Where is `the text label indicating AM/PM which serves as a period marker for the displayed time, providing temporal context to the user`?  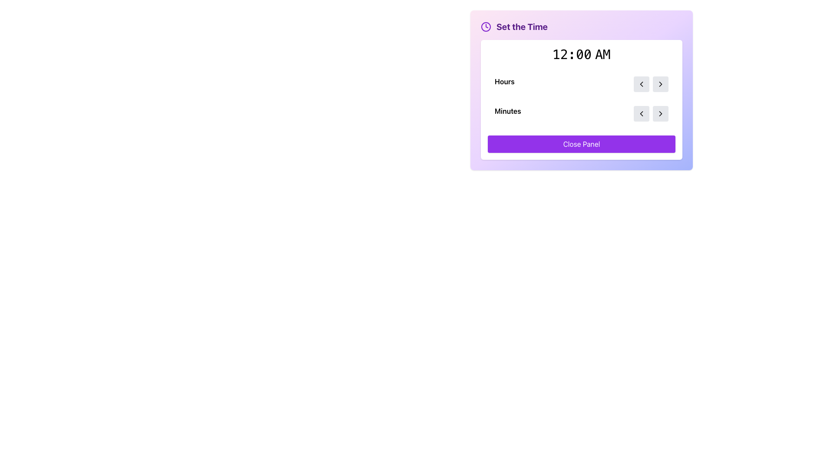 the text label indicating AM/PM which serves as a period marker for the displayed time, providing temporal context to the user is located at coordinates (601, 55).